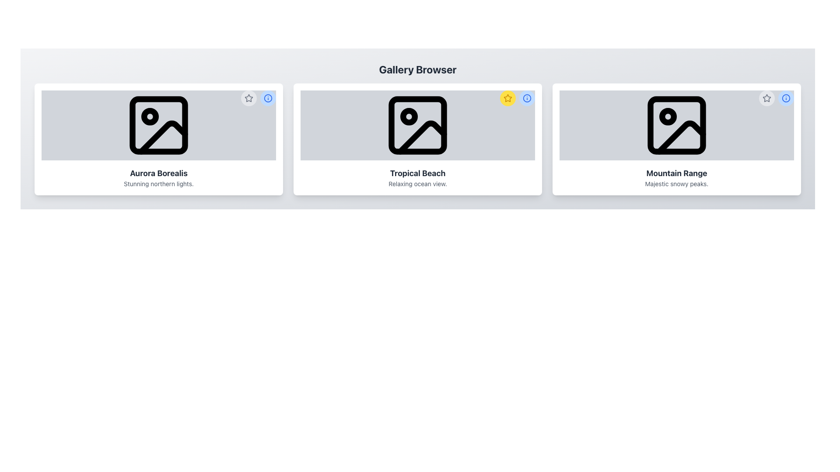 The image size is (840, 472). I want to click on the star icon button located in the top-right corner of the 'Mountain Range' card, so click(766, 98).